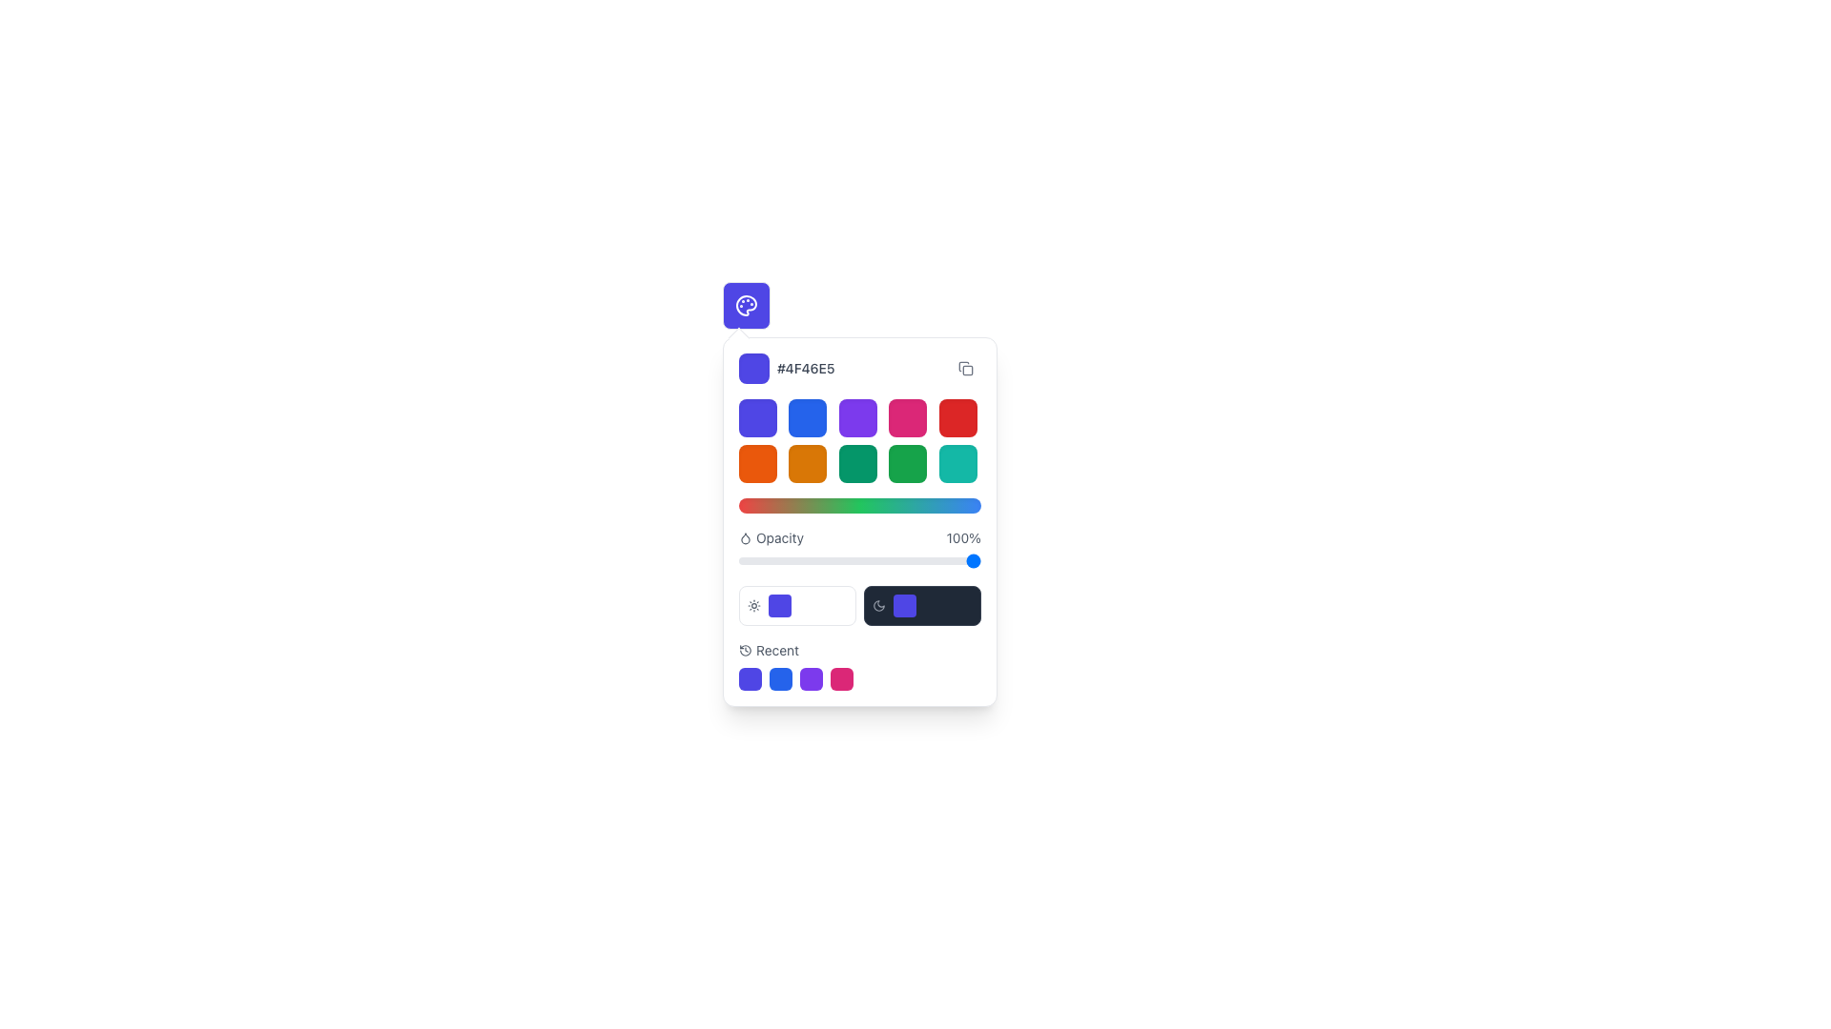  What do you see at coordinates (928, 560) in the screenshot?
I see `opacity` at bounding box center [928, 560].